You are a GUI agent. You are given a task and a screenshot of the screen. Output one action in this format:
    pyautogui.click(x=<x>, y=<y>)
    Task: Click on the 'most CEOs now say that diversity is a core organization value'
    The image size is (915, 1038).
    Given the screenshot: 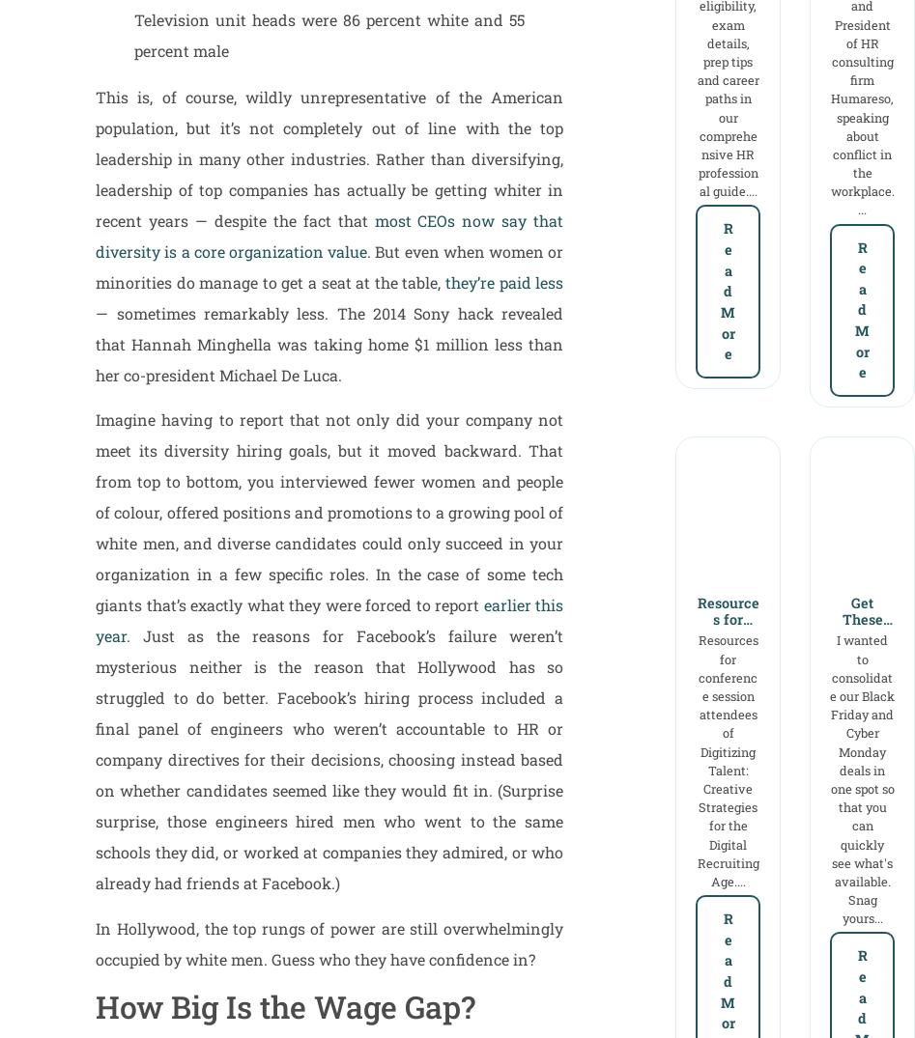 What is the action you would take?
    pyautogui.click(x=329, y=234)
    